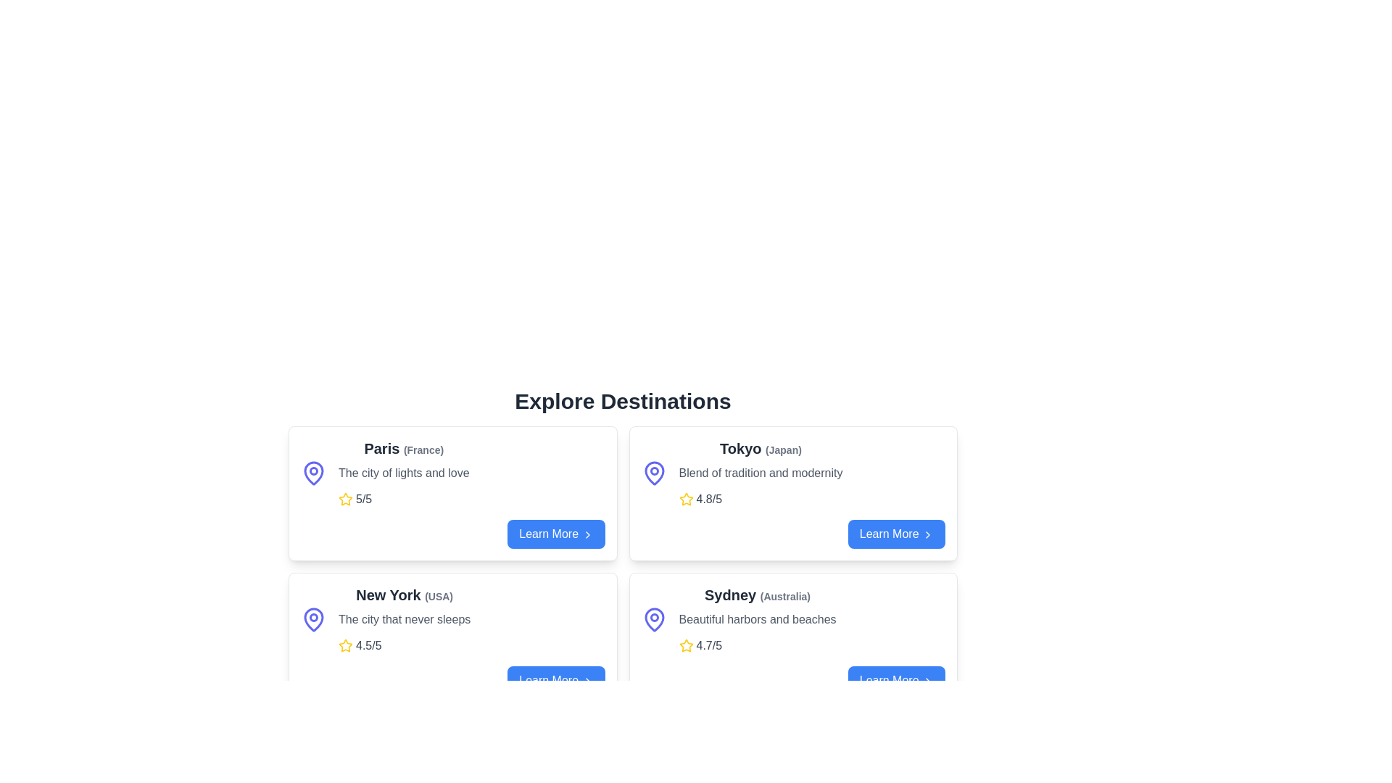 This screenshot has height=783, width=1392. Describe the element at coordinates (784, 596) in the screenshot. I see `the static text label providing contextual information about the location 'Sydney', which is part of the text block 'Sydney (Australia)' in the lower right card of the grid layout` at that location.